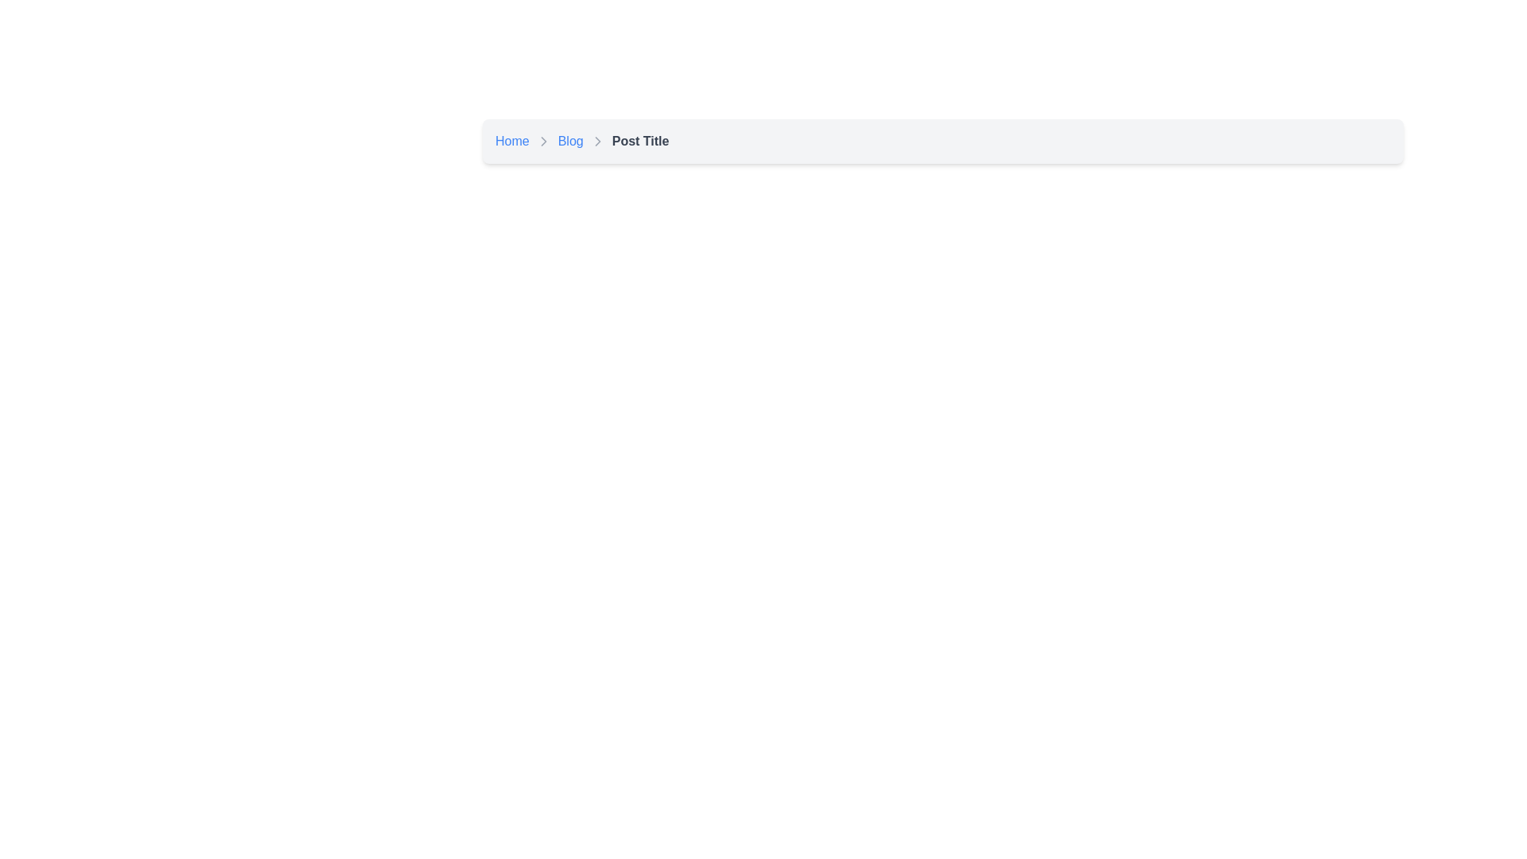 The width and height of the screenshot is (1527, 859). Describe the element at coordinates (512, 140) in the screenshot. I see `the 'Home' hyperlink in the breadcrumb navigation bar to observe the color change indicating interactivity` at that location.